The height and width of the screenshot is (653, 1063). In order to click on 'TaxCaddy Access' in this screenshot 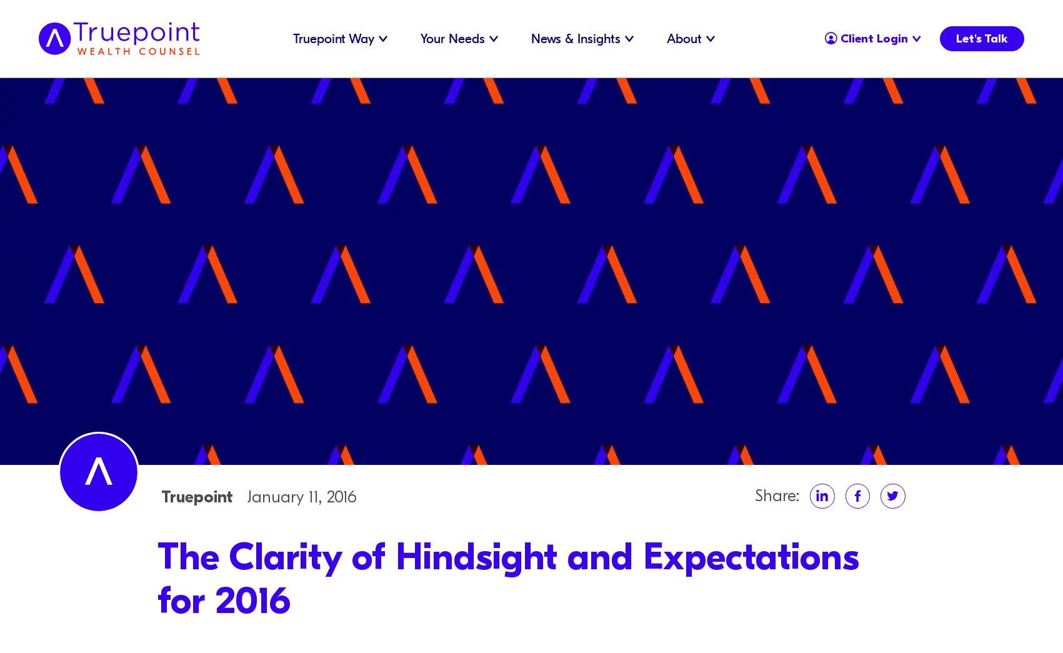, I will do `click(816, 32)`.